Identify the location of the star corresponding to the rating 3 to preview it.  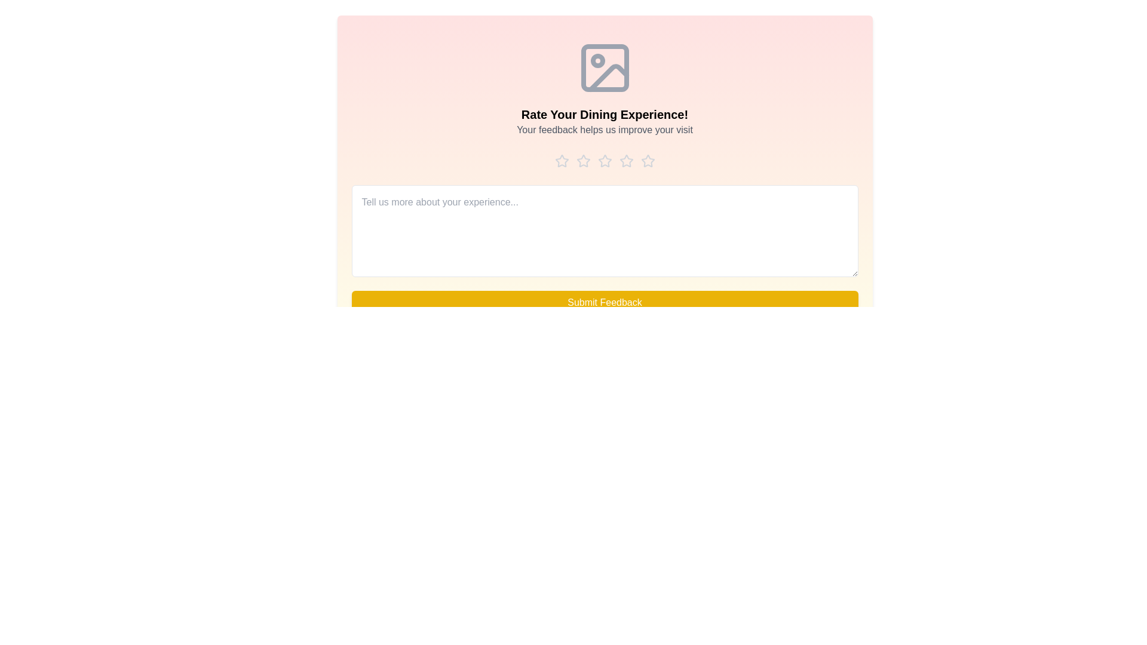
(605, 161).